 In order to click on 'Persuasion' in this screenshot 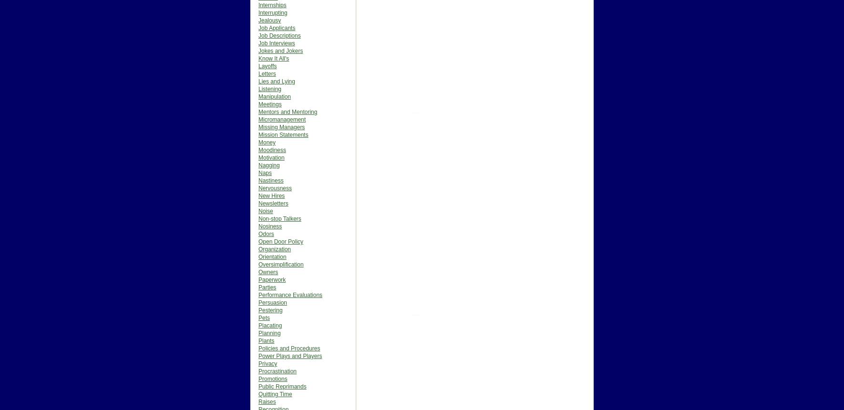, I will do `click(258, 302)`.